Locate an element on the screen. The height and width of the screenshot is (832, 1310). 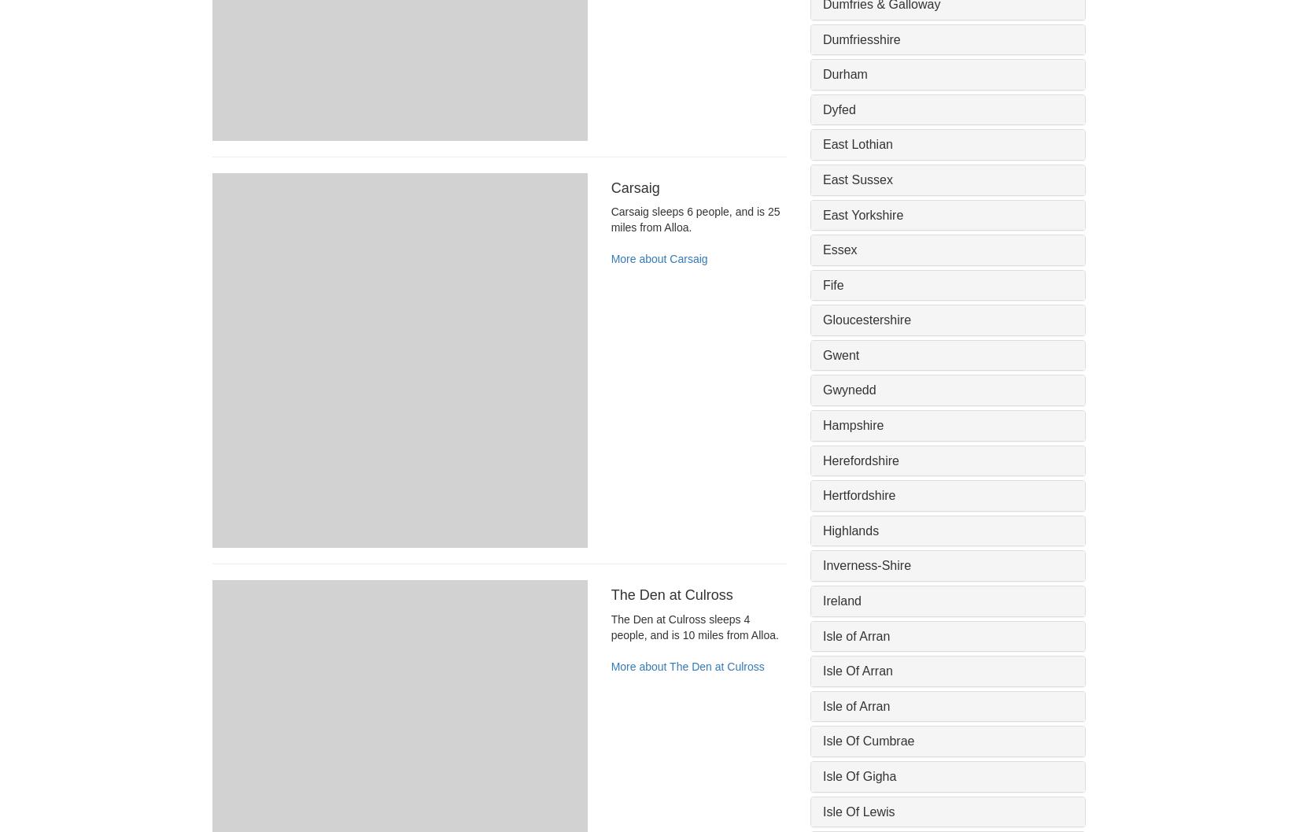
'Carsaig sleeps 6 people, and is 25 miles from Alloa.' is located at coordinates (695, 219).